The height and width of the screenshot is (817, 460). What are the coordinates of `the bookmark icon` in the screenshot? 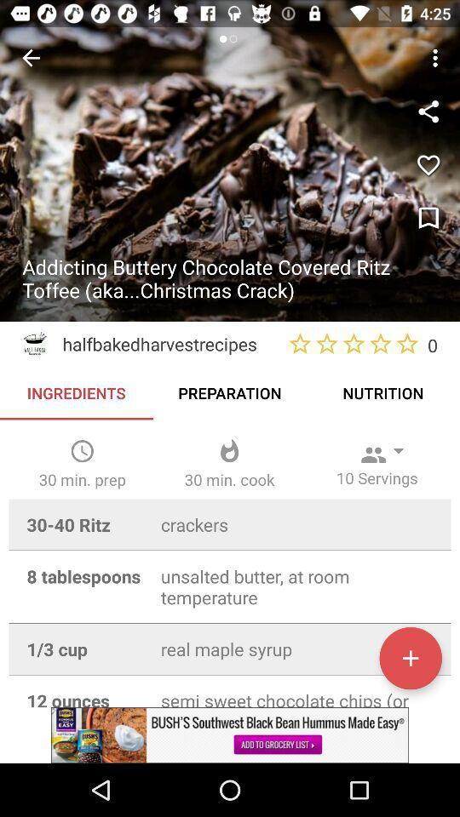 It's located at (428, 218).